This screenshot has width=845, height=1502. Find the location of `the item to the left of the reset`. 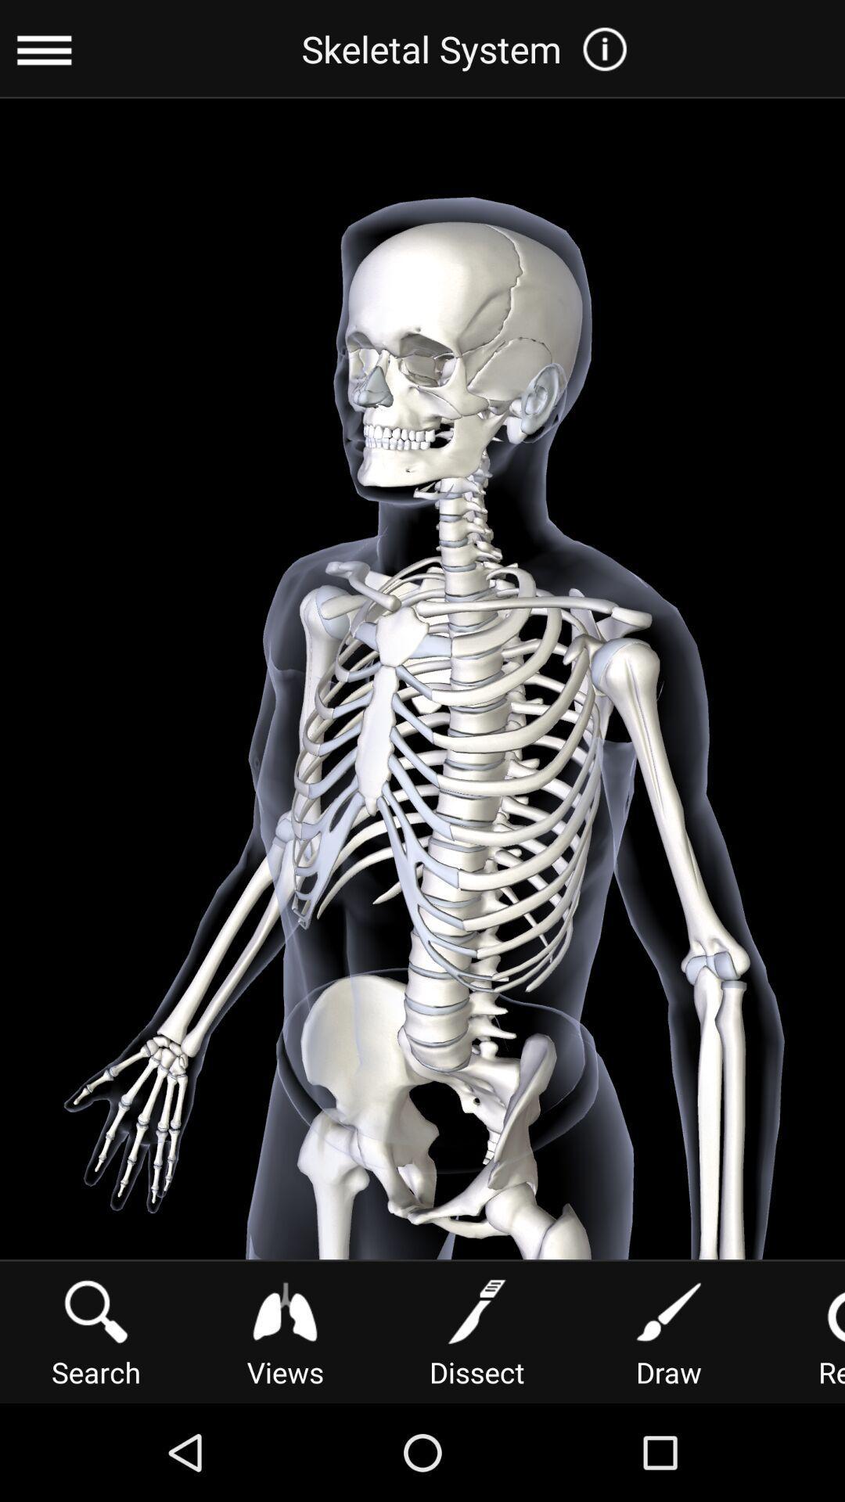

the item to the left of the reset is located at coordinates (669, 1330).